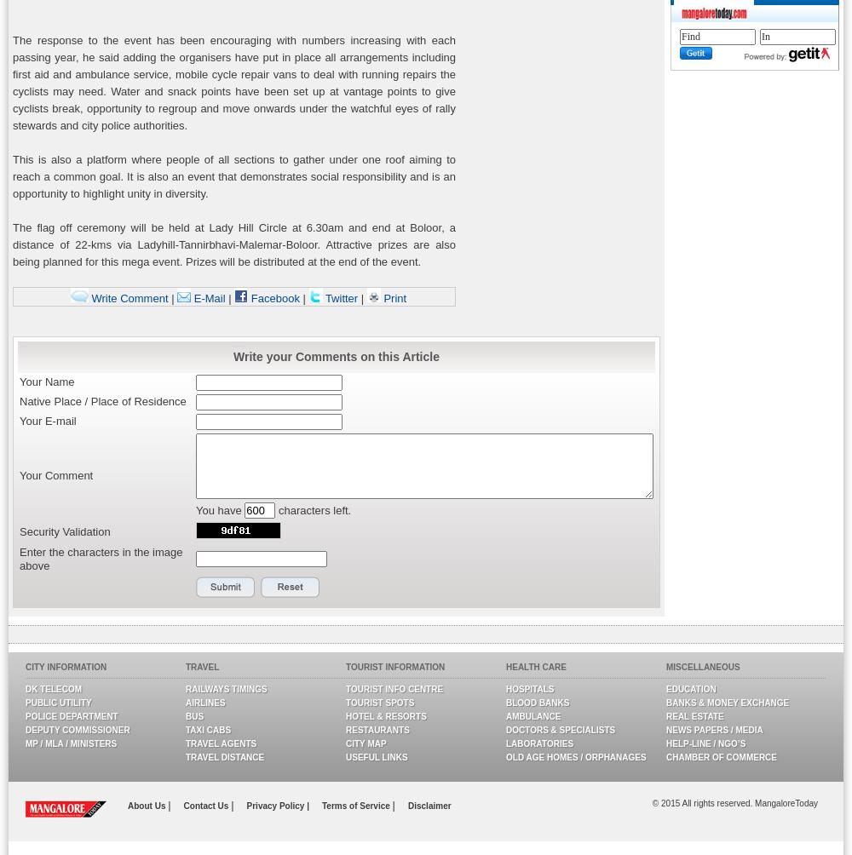  Describe the element at coordinates (356, 804) in the screenshot. I see `'Terms of Service'` at that location.